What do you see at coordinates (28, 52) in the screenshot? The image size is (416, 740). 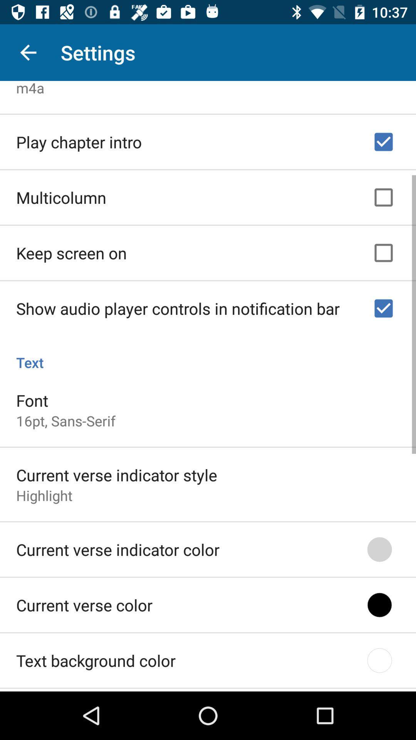 I see `the icon above the m4a icon` at bounding box center [28, 52].